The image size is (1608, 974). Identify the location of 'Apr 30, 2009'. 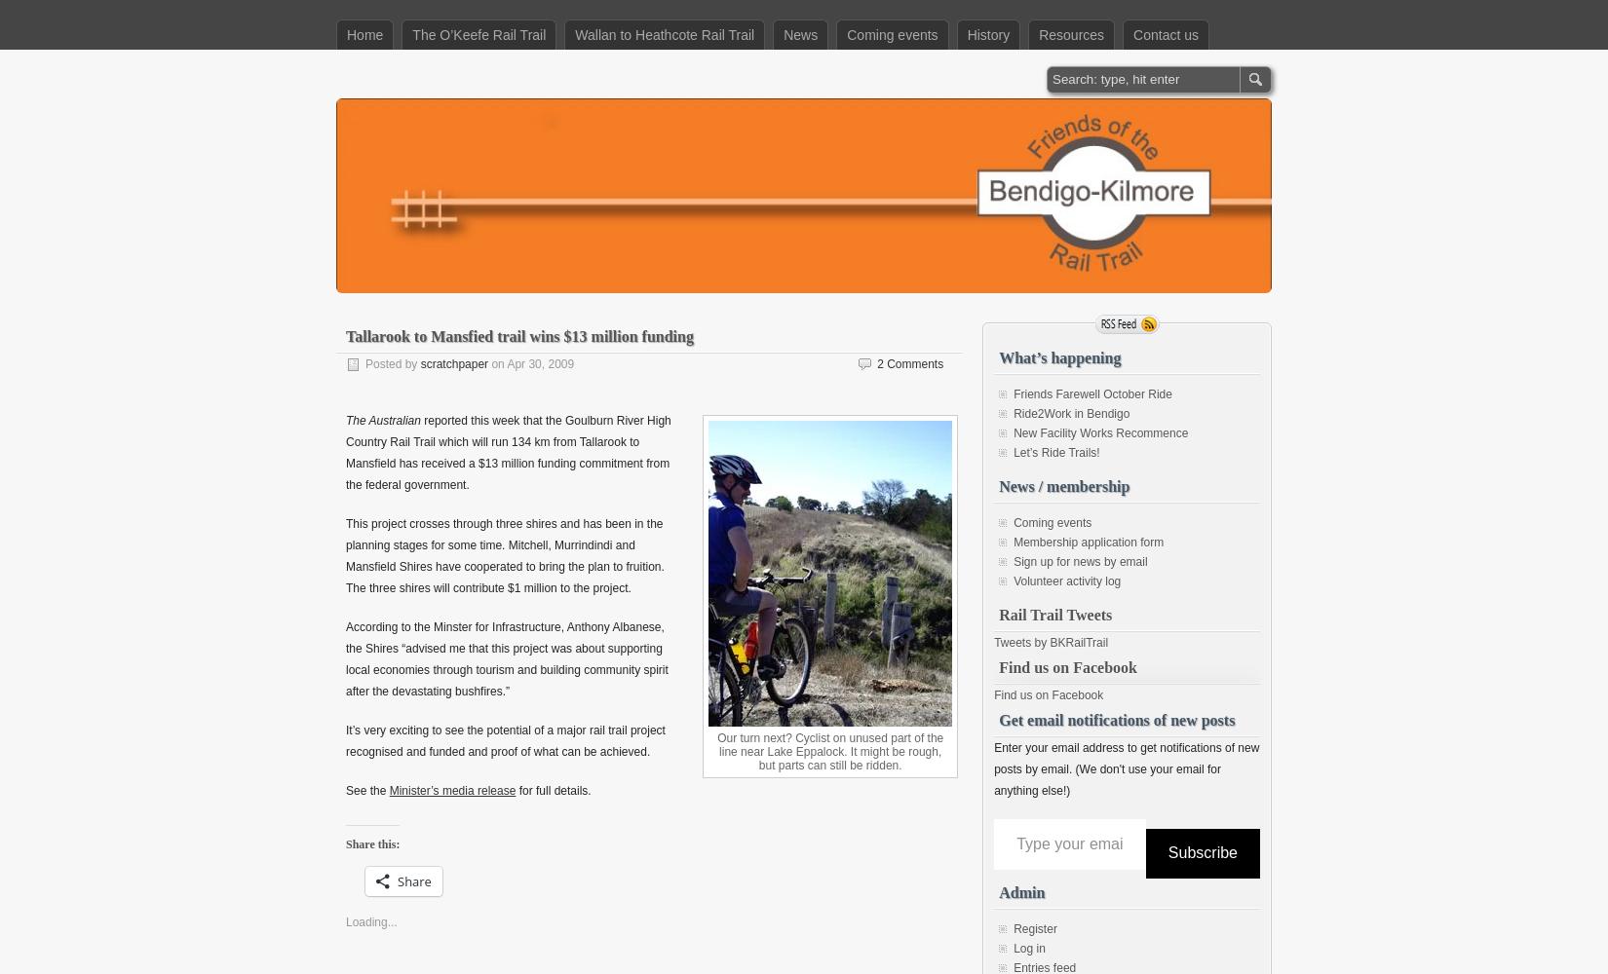
(539, 363).